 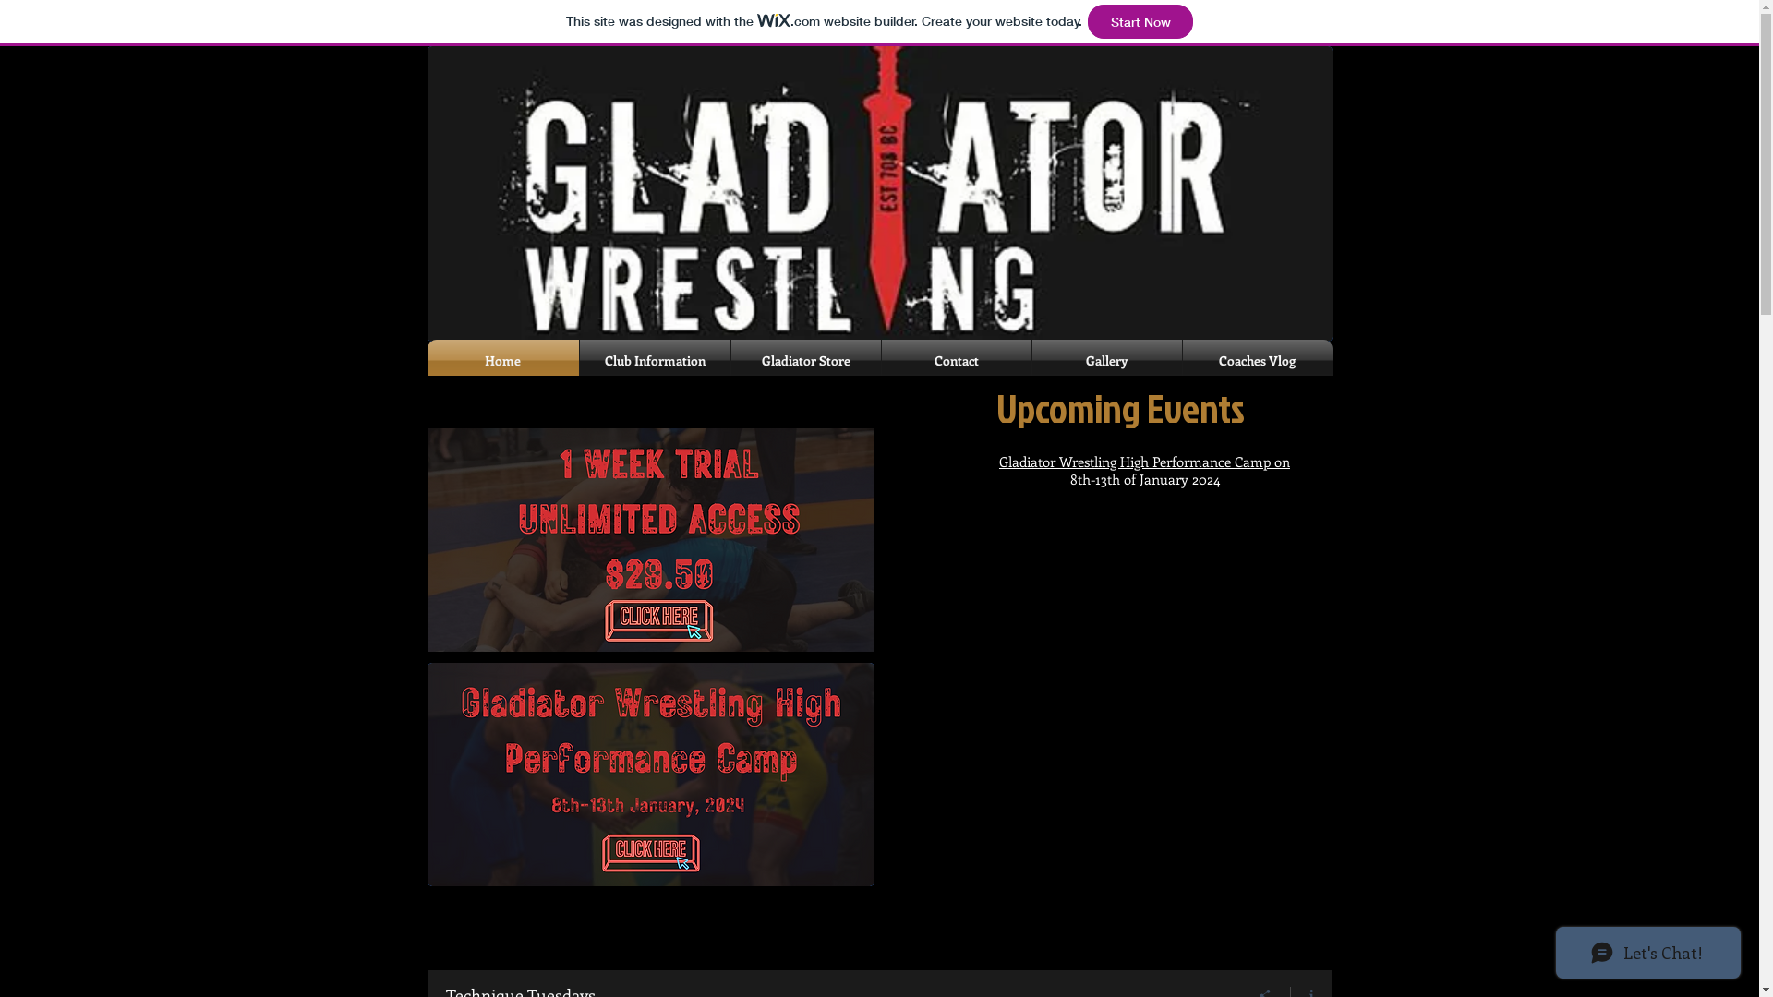 What do you see at coordinates (1256, 360) in the screenshot?
I see `'Coaches Vlog'` at bounding box center [1256, 360].